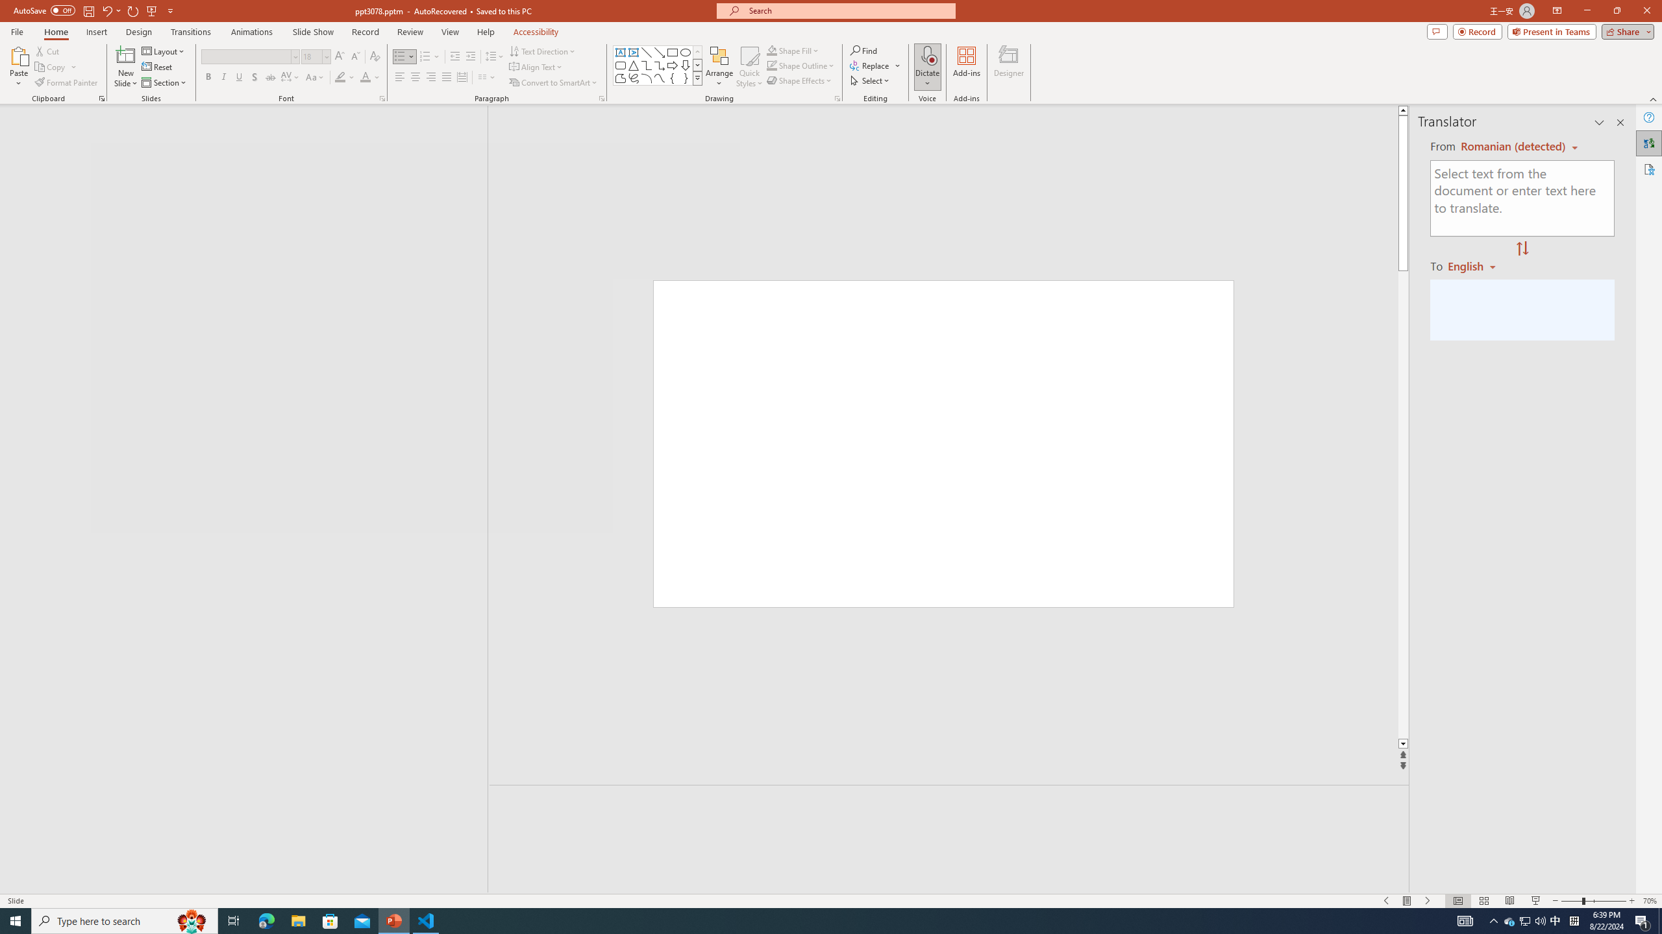  Describe the element at coordinates (659, 52) in the screenshot. I see `'Line Arrow'` at that location.